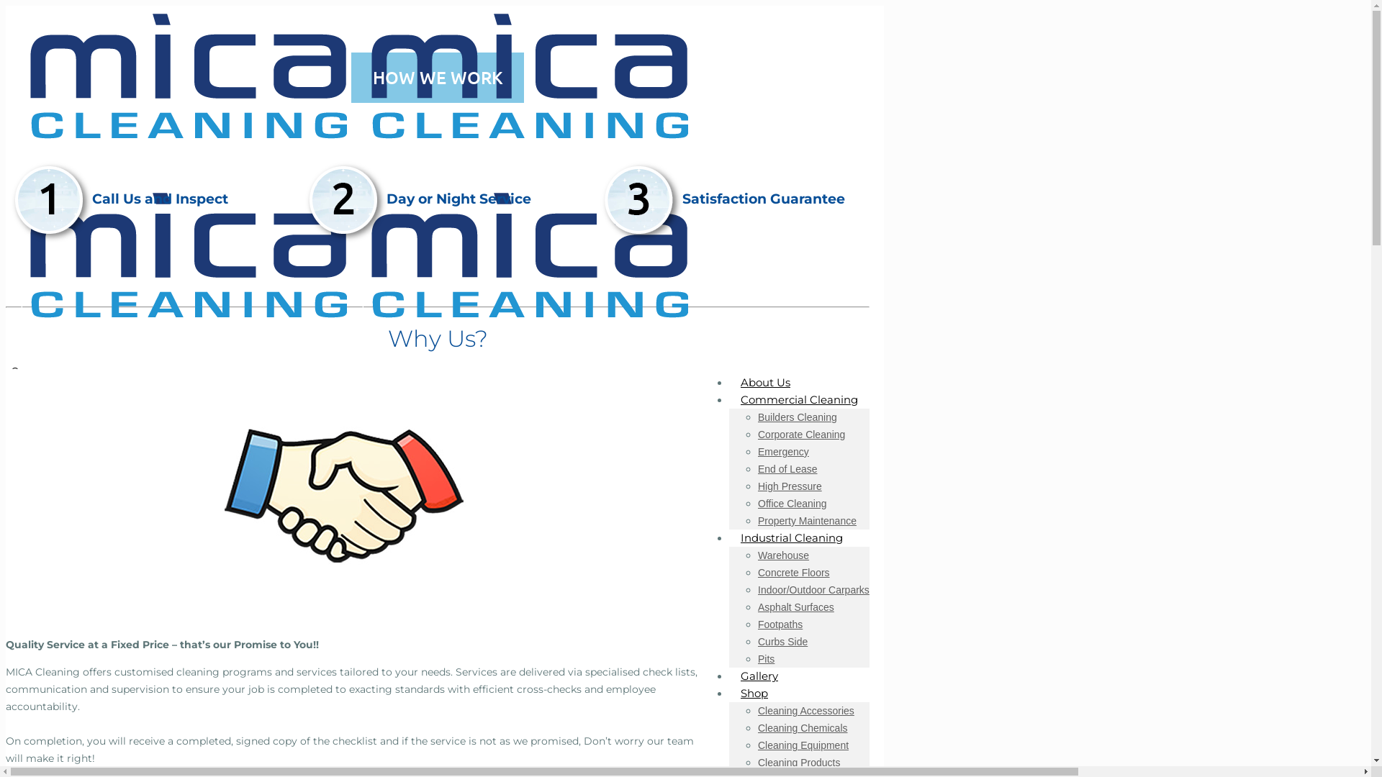 The image size is (1382, 777). I want to click on 'Asphalt Surfaces', so click(795, 607).